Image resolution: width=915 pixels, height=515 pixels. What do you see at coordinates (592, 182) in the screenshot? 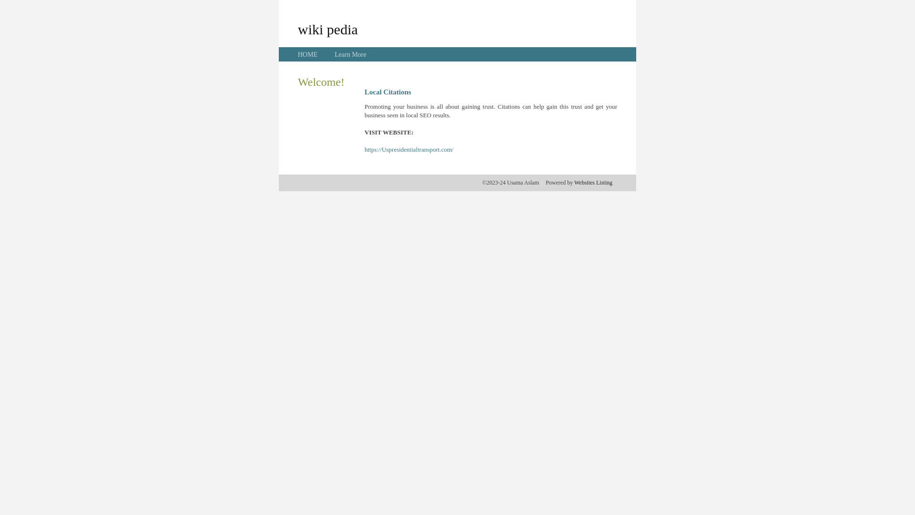
I see `'Websites Listing'` at bounding box center [592, 182].